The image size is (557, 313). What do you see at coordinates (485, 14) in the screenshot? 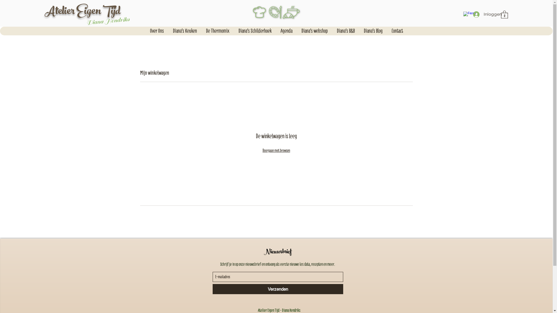
I see `'Inloggen'` at bounding box center [485, 14].